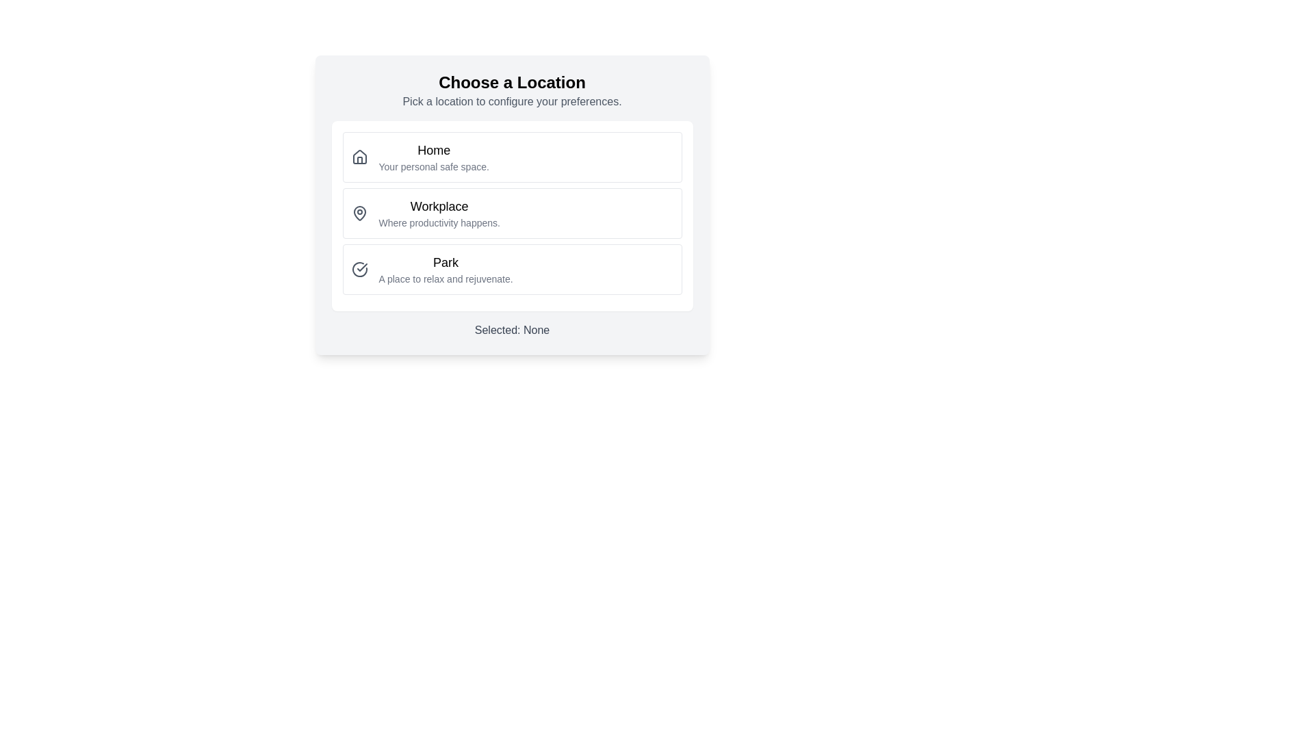 This screenshot has height=739, width=1314. I want to click on the circular icon indicating the 'Park' option to trigger a tooltip or highlight effect, so click(361, 267).